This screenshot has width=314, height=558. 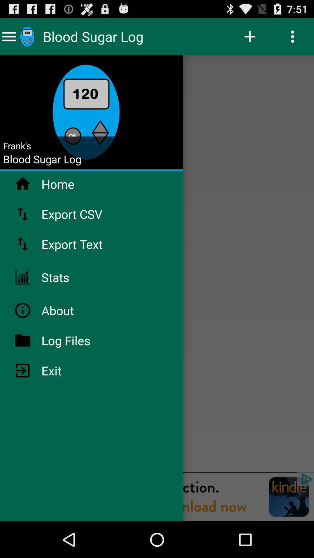 I want to click on export text, so click(x=87, y=244).